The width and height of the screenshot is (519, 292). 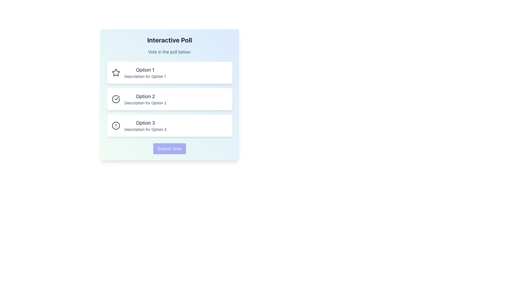 I want to click on the text label displaying 'Option 1' within the white rounded rectangle in the 'Interactive Poll' section, so click(x=145, y=72).